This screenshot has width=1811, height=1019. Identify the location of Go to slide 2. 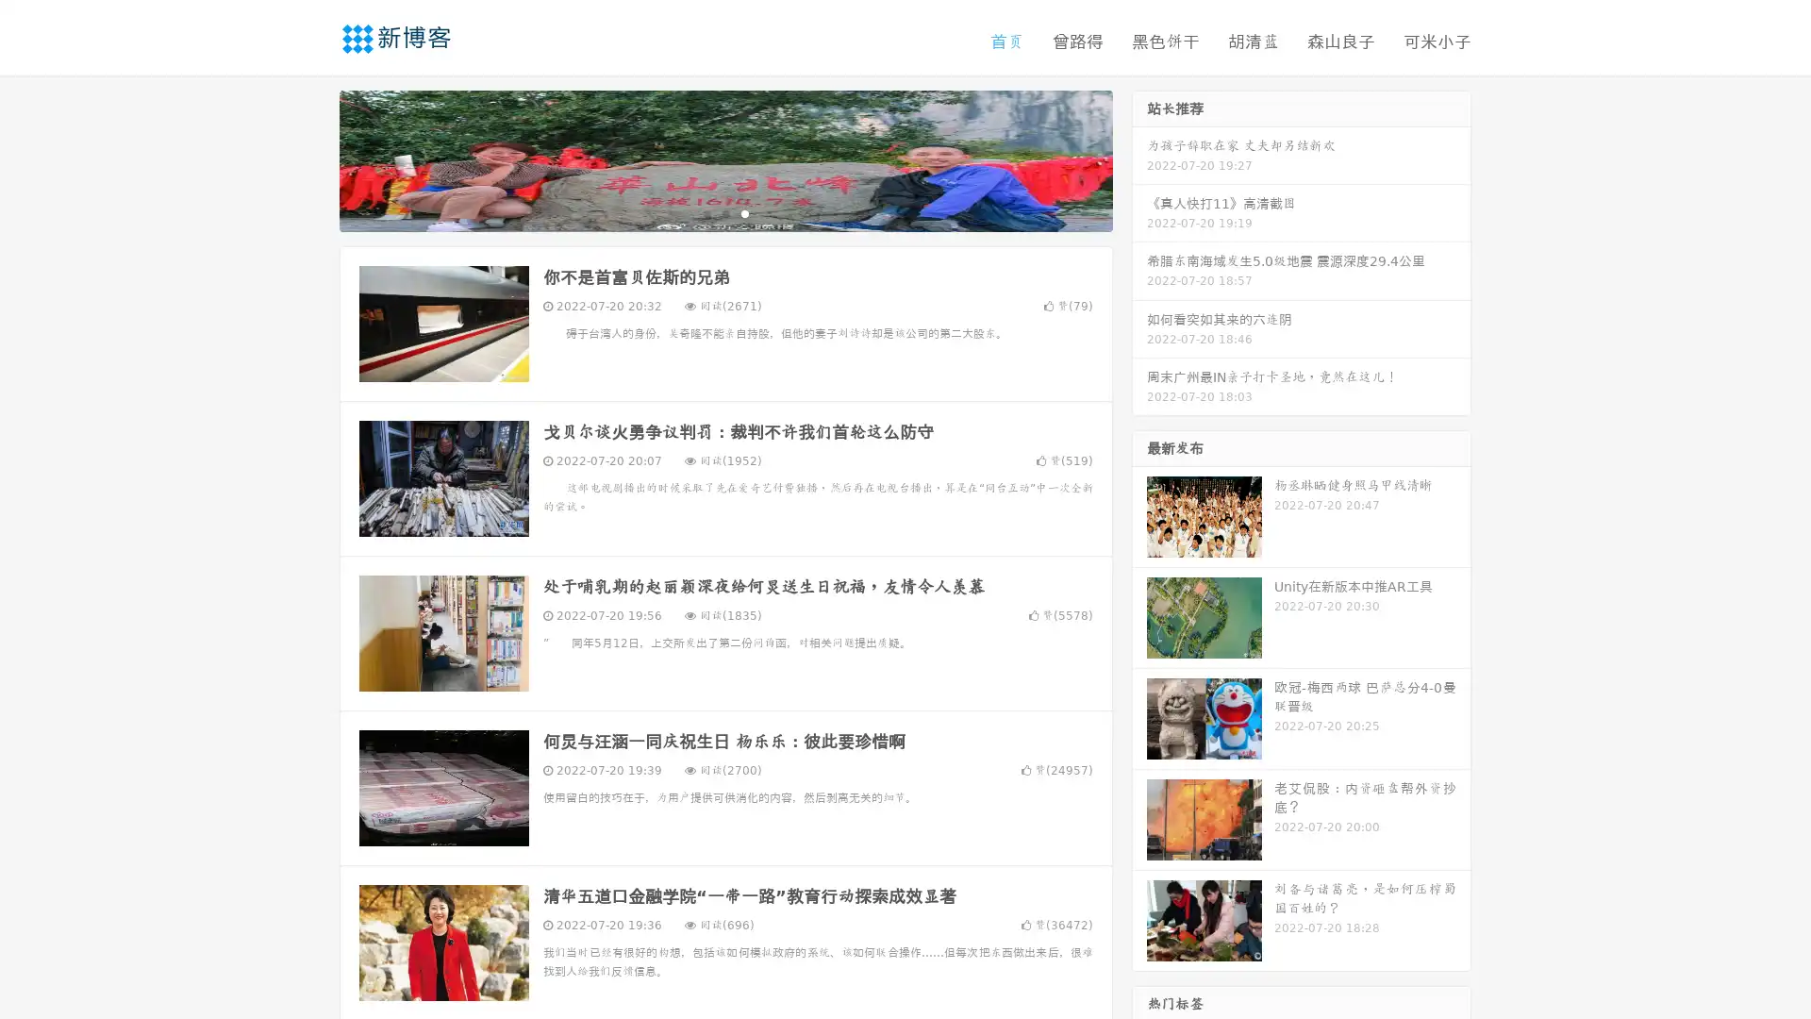
(724, 212).